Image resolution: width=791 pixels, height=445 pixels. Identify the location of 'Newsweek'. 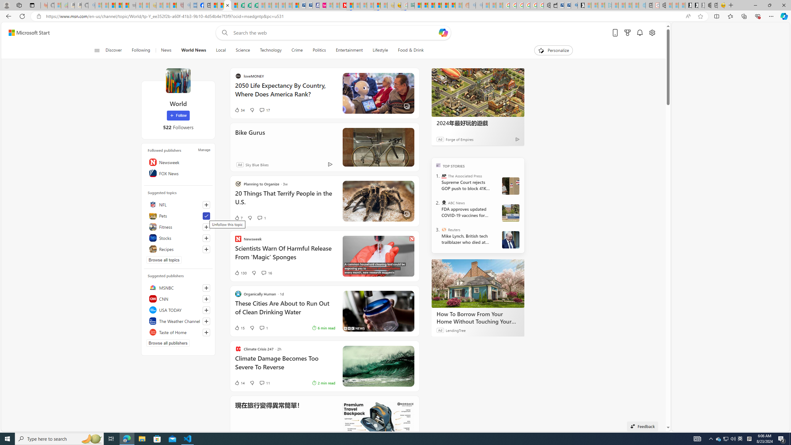
(178, 162).